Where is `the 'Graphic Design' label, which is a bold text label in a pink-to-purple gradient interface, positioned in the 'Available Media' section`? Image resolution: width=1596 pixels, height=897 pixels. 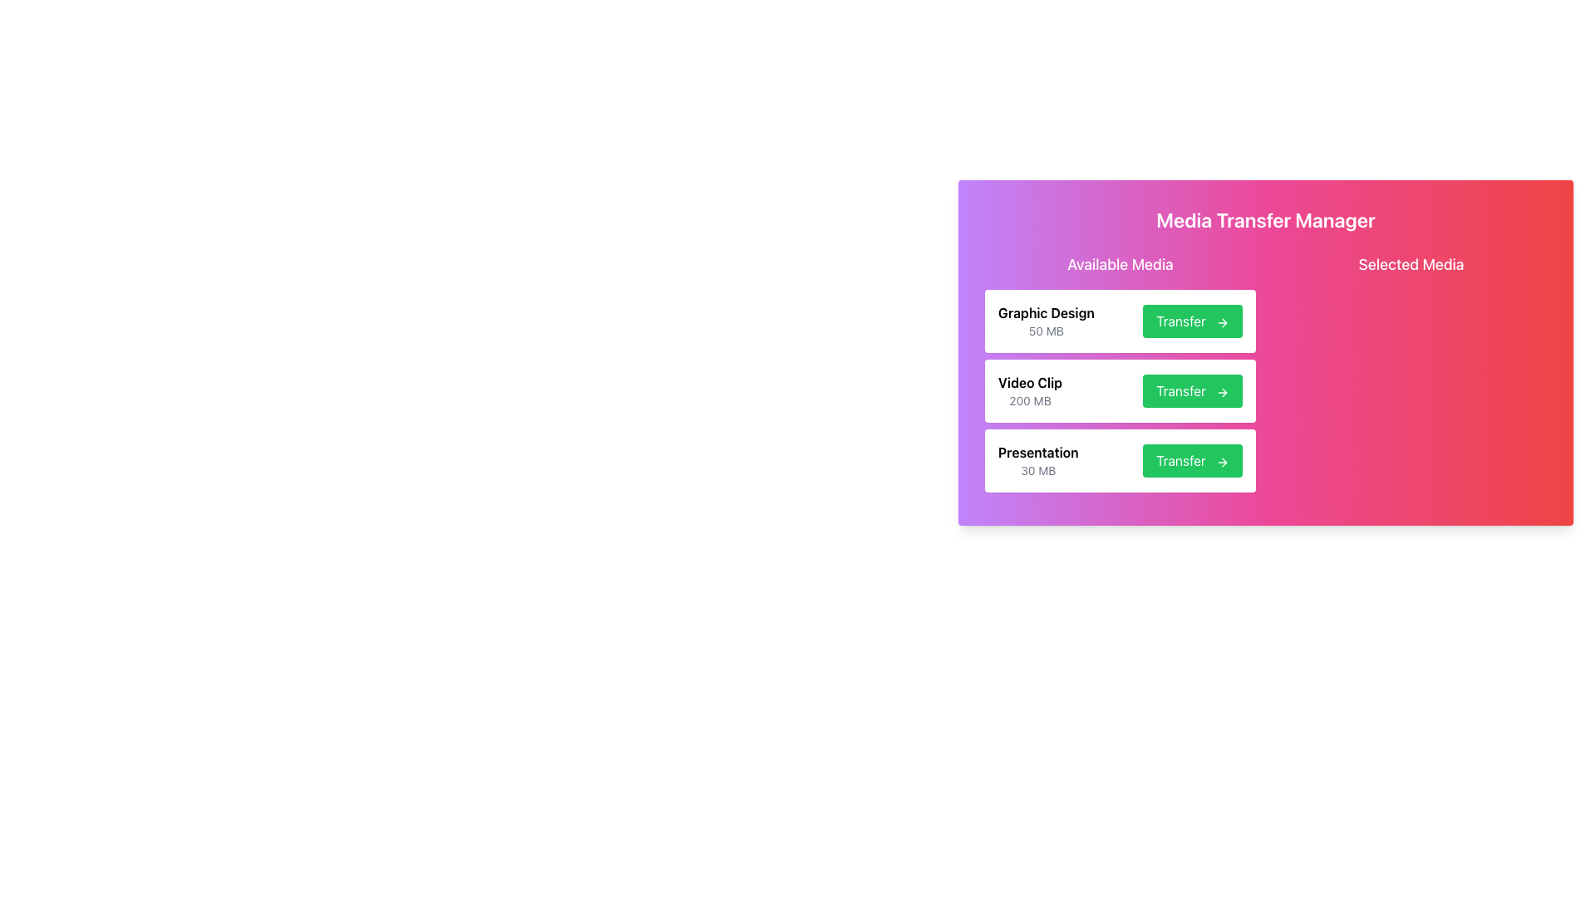
the 'Graphic Design' label, which is a bold text label in a pink-to-purple gradient interface, positioned in the 'Available Media' section is located at coordinates (1045, 313).